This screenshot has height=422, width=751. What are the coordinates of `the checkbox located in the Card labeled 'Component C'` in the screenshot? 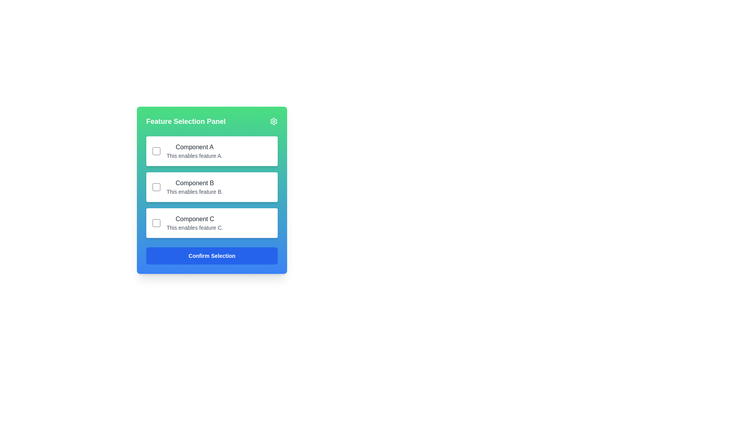 It's located at (212, 223).